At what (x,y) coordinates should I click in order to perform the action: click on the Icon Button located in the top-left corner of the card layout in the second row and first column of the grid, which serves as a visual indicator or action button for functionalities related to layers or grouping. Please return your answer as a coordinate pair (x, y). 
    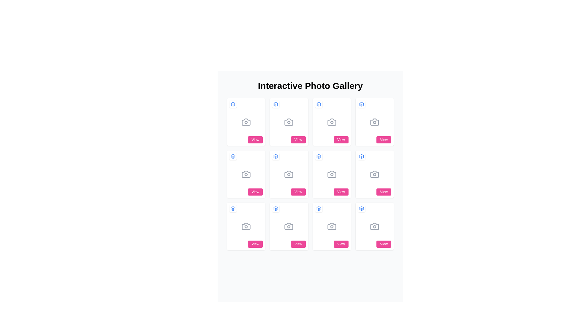
    Looking at the image, I should click on (233, 156).